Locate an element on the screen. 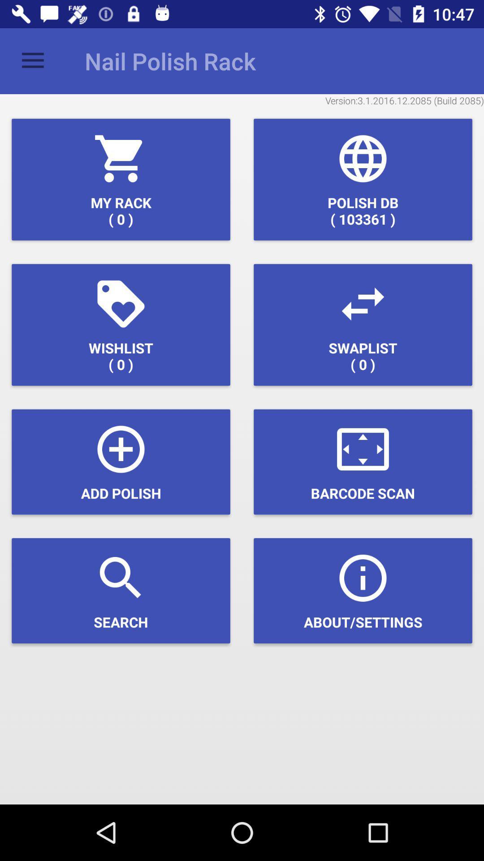  icon above add polish icon is located at coordinates (121, 324).